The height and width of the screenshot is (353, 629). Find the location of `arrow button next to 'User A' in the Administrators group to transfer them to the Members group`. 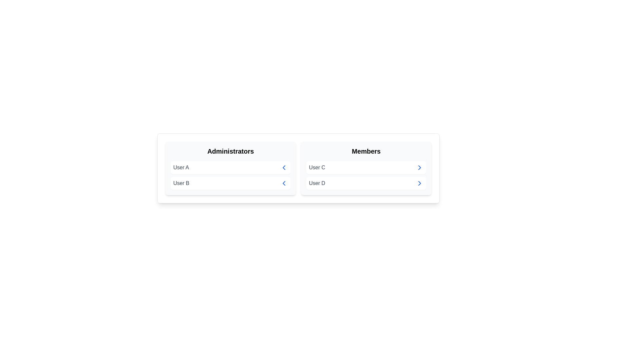

arrow button next to 'User A' in the Administrators group to transfer them to the Members group is located at coordinates (284, 167).